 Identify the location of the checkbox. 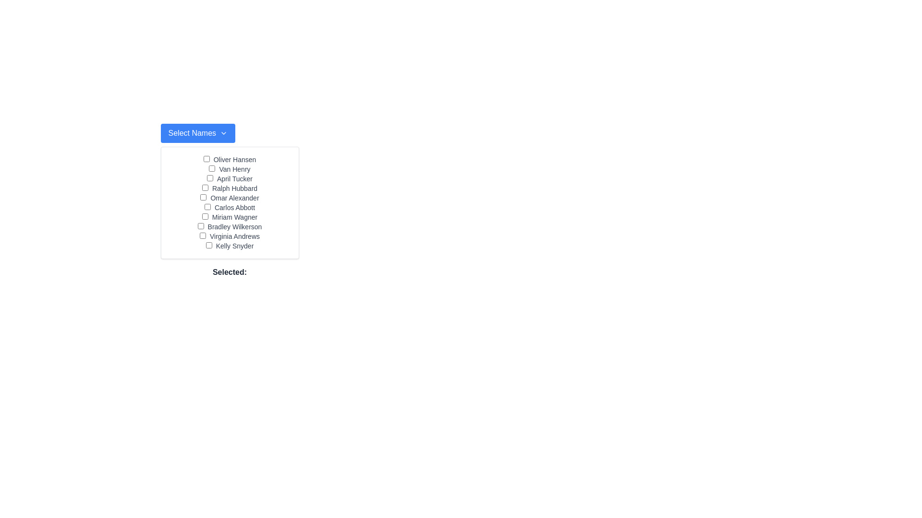
(208, 245).